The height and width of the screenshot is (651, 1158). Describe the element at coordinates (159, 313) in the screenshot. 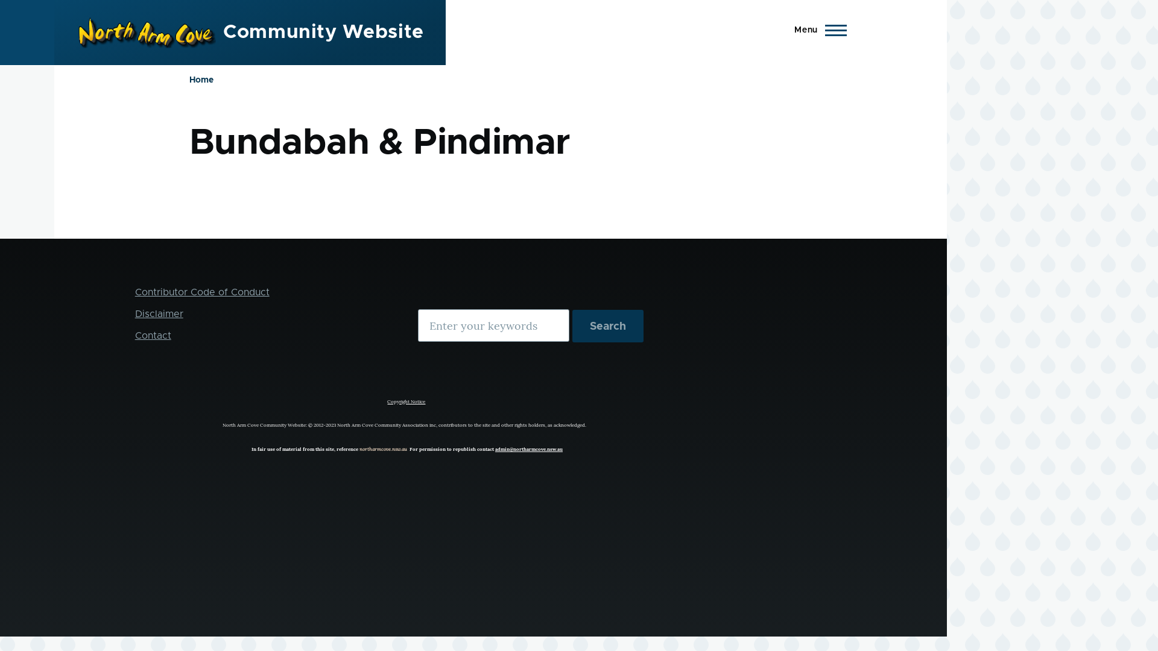

I see `'Disclaimer'` at that location.